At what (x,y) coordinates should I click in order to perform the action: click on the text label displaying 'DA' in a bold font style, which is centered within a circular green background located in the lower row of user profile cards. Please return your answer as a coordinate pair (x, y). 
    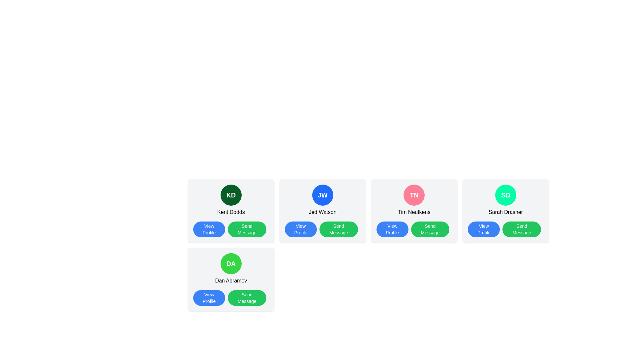
    Looking at the image, I should click on (231, 263).